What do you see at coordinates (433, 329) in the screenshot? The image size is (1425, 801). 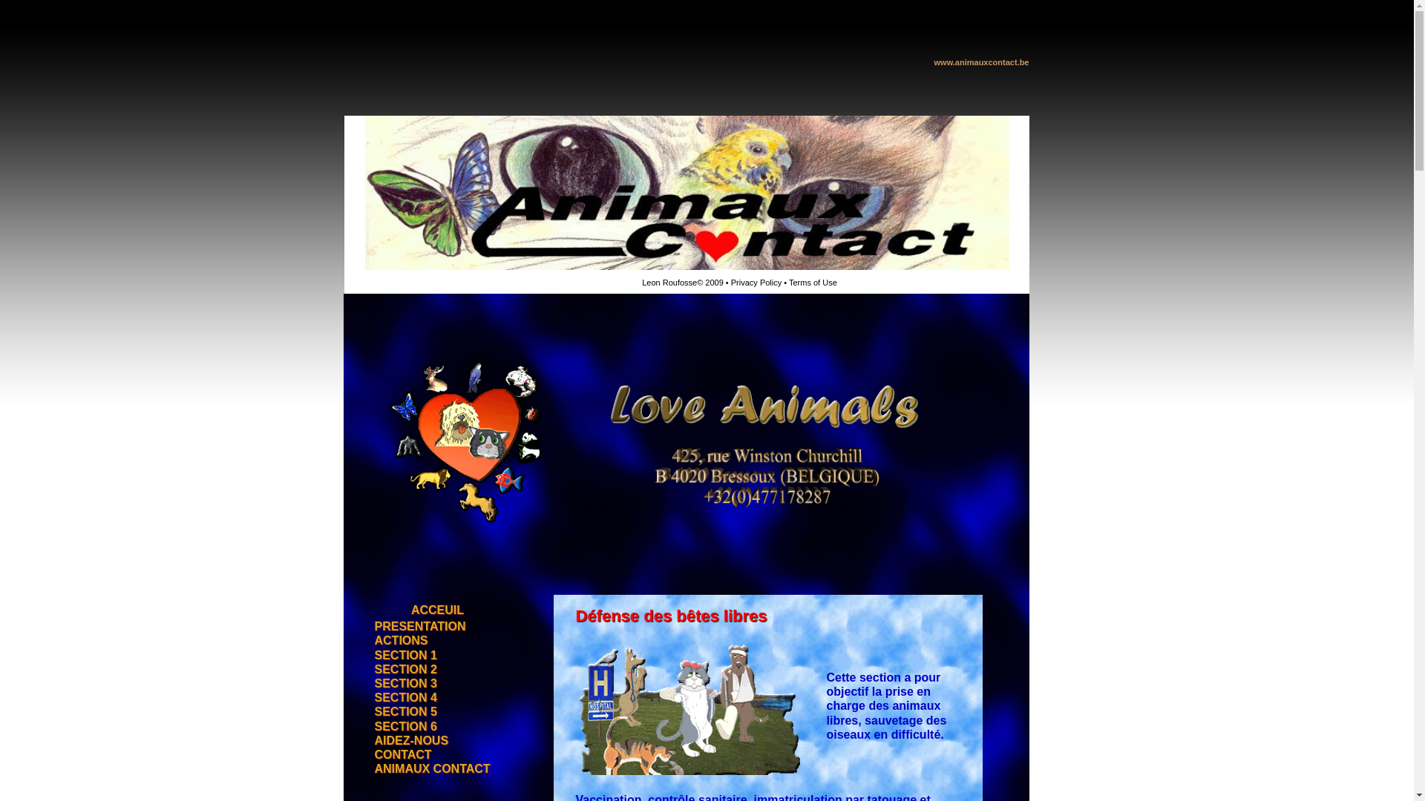 I see `'Accueil'` at bounding box center [433, 329].